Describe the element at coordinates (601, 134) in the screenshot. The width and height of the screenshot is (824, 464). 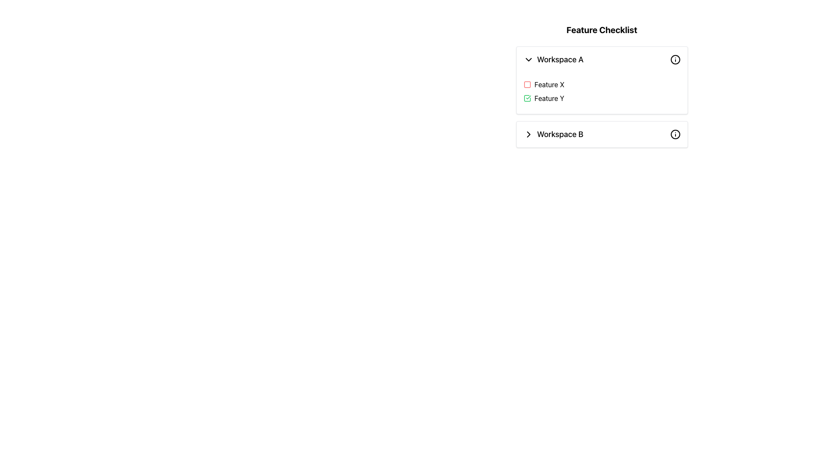
I see `the second item in the list, located directly below 'Workspace A'` at that location.